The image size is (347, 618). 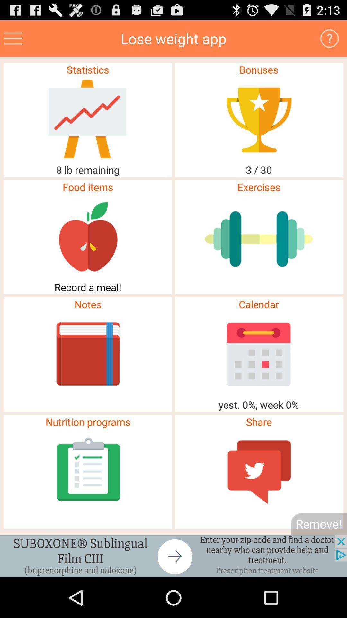 I want to click on menu page, so click(x=13, y=38).